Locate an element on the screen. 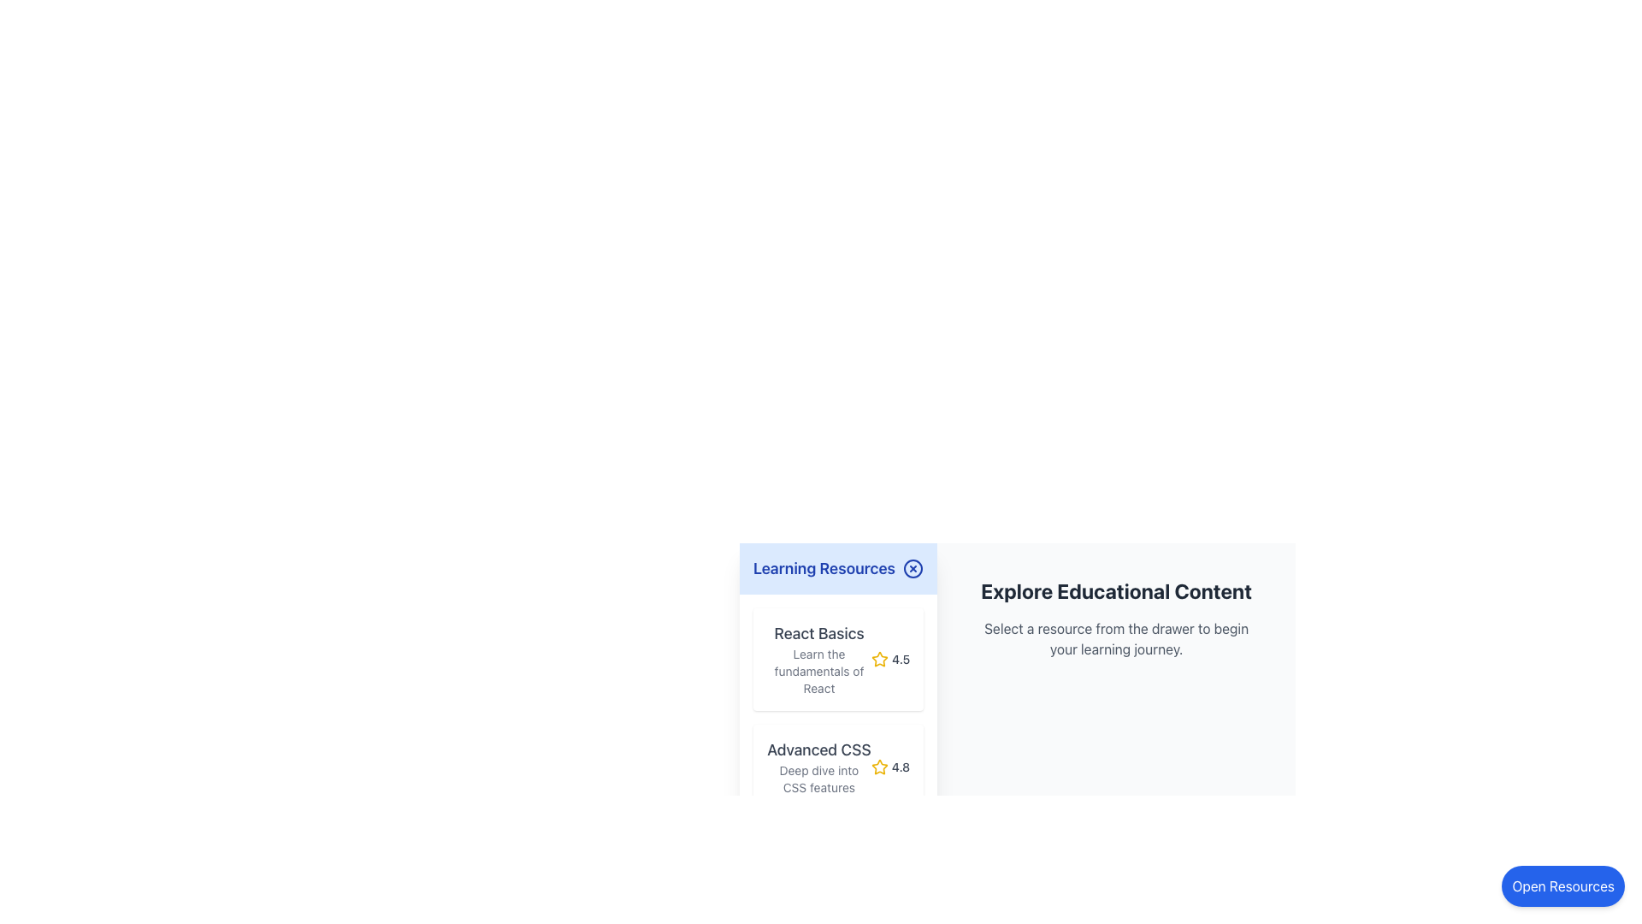  the informative Text label that provides a summary about 'React Basics', located in the 'Learning Resources' sidebar, positioned beneath the title and above the rating indicator is located at coordinates (818, 671).